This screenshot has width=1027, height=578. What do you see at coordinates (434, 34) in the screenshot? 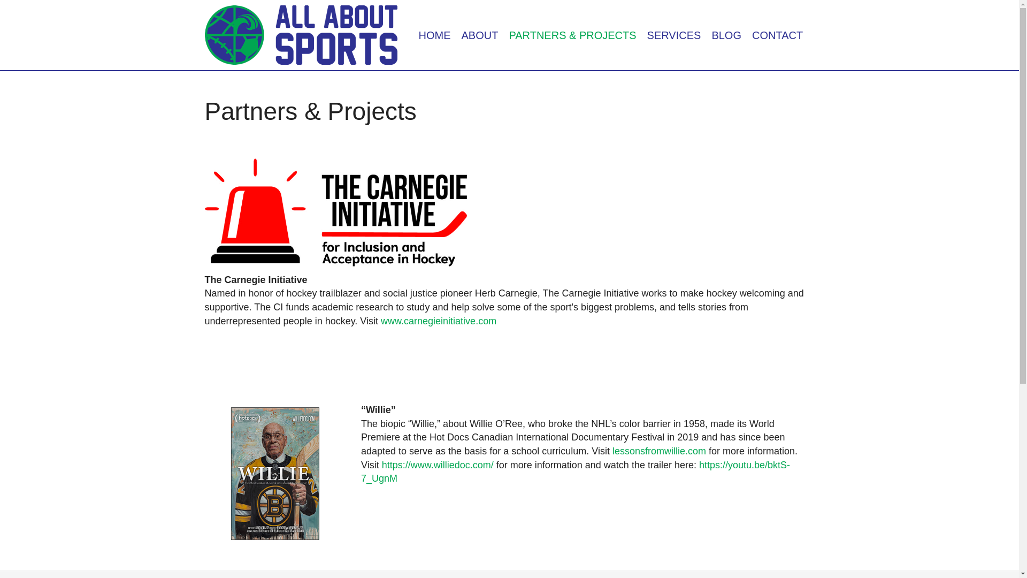
I see `'HOME'` at bounding box center [434, 34].